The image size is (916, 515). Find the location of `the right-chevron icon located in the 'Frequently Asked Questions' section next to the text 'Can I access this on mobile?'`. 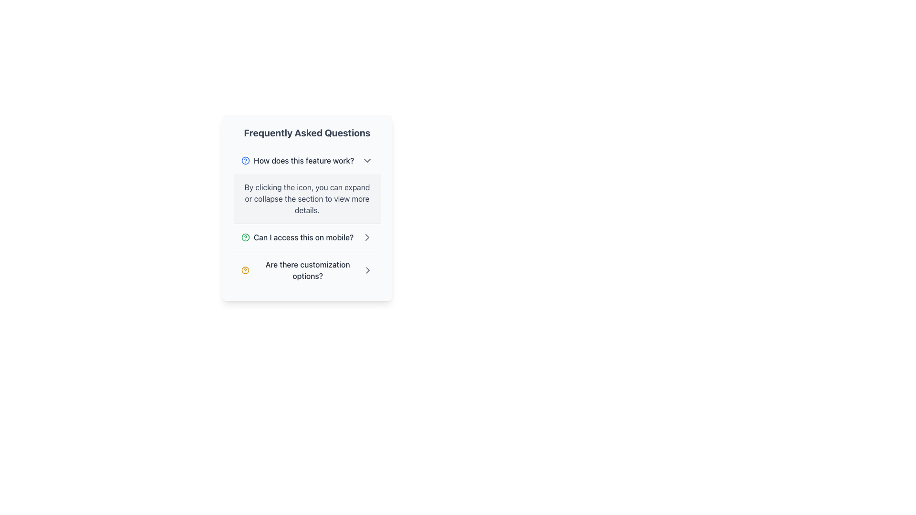

the right-chevron icon located in the 'Frequently Asked Questions' section next to the text 'Can I access this on mobile?' is located at coordinates (366, 237).